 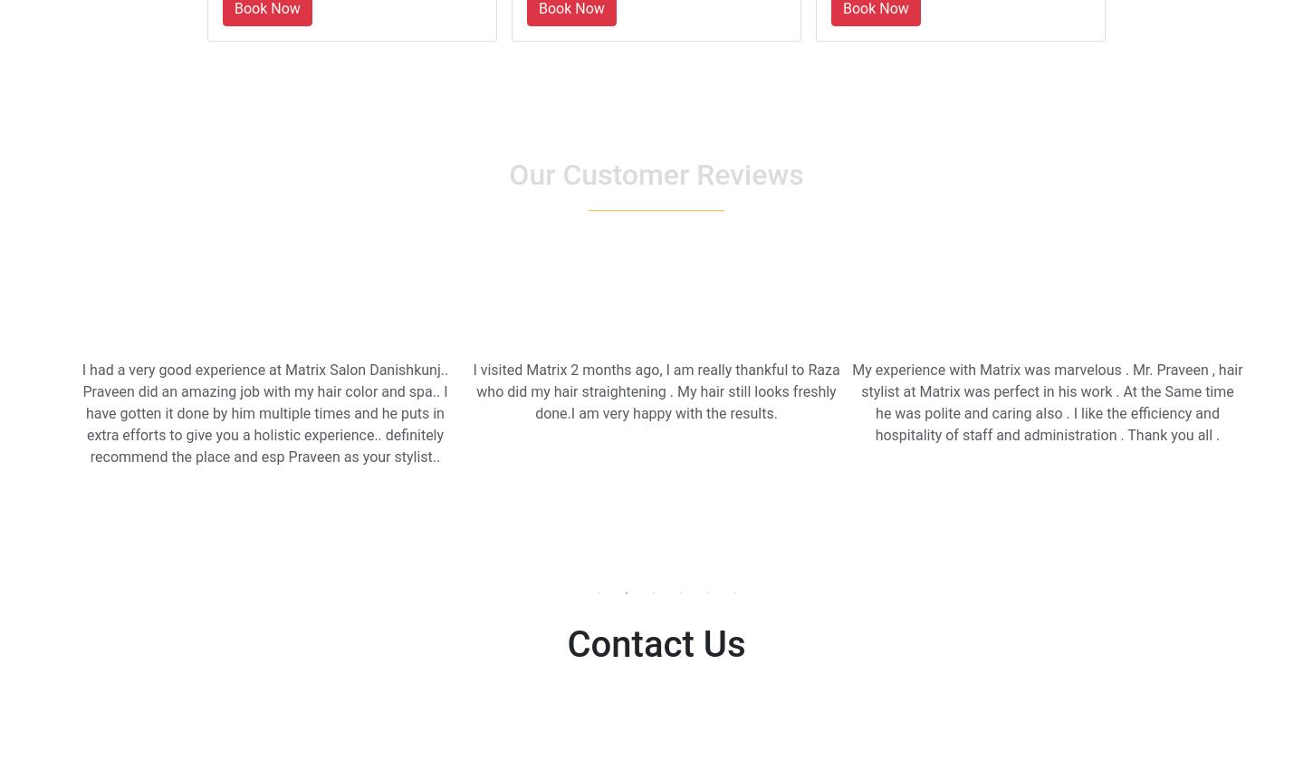 What do you see at coordinates (155, 688) in the screenshot?
I see `'Matrix Flagship Salon'` at bounding box center [155, 688].